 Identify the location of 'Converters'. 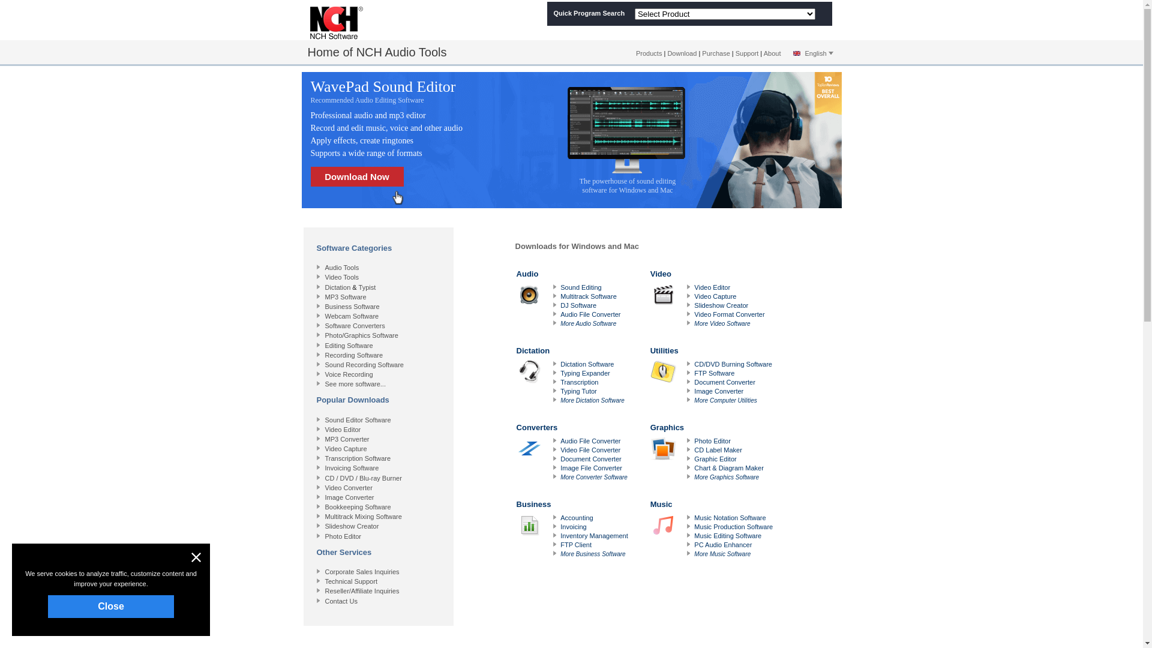
(516, 451).